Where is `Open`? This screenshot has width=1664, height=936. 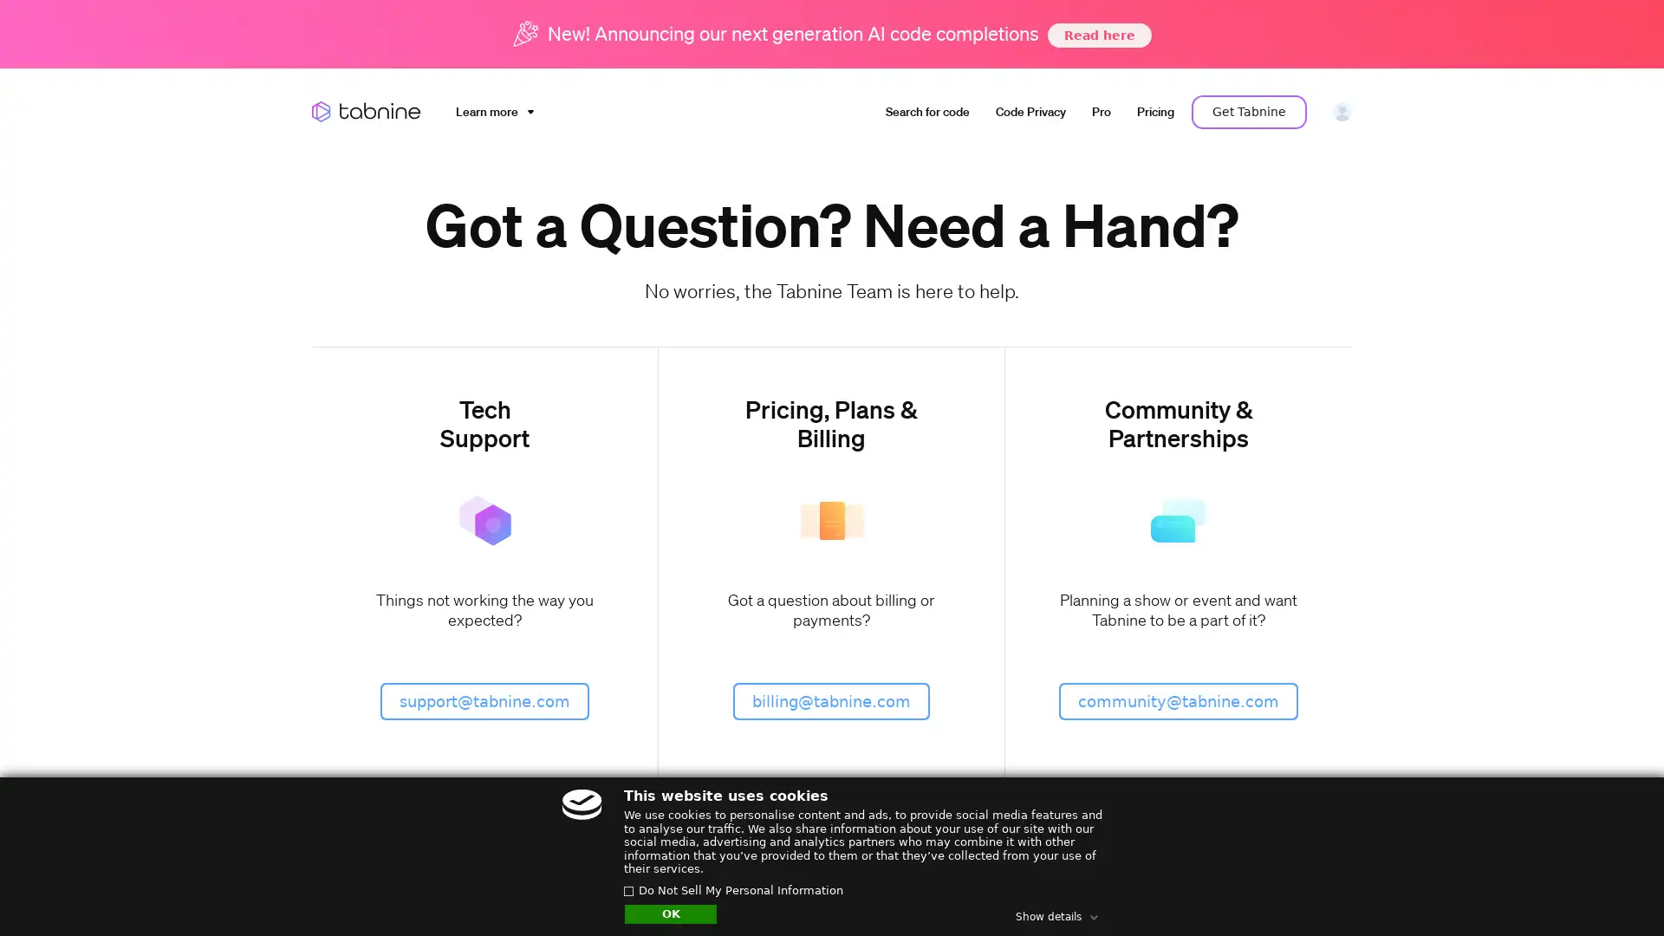
Open is located at coordinates (1612, 889).